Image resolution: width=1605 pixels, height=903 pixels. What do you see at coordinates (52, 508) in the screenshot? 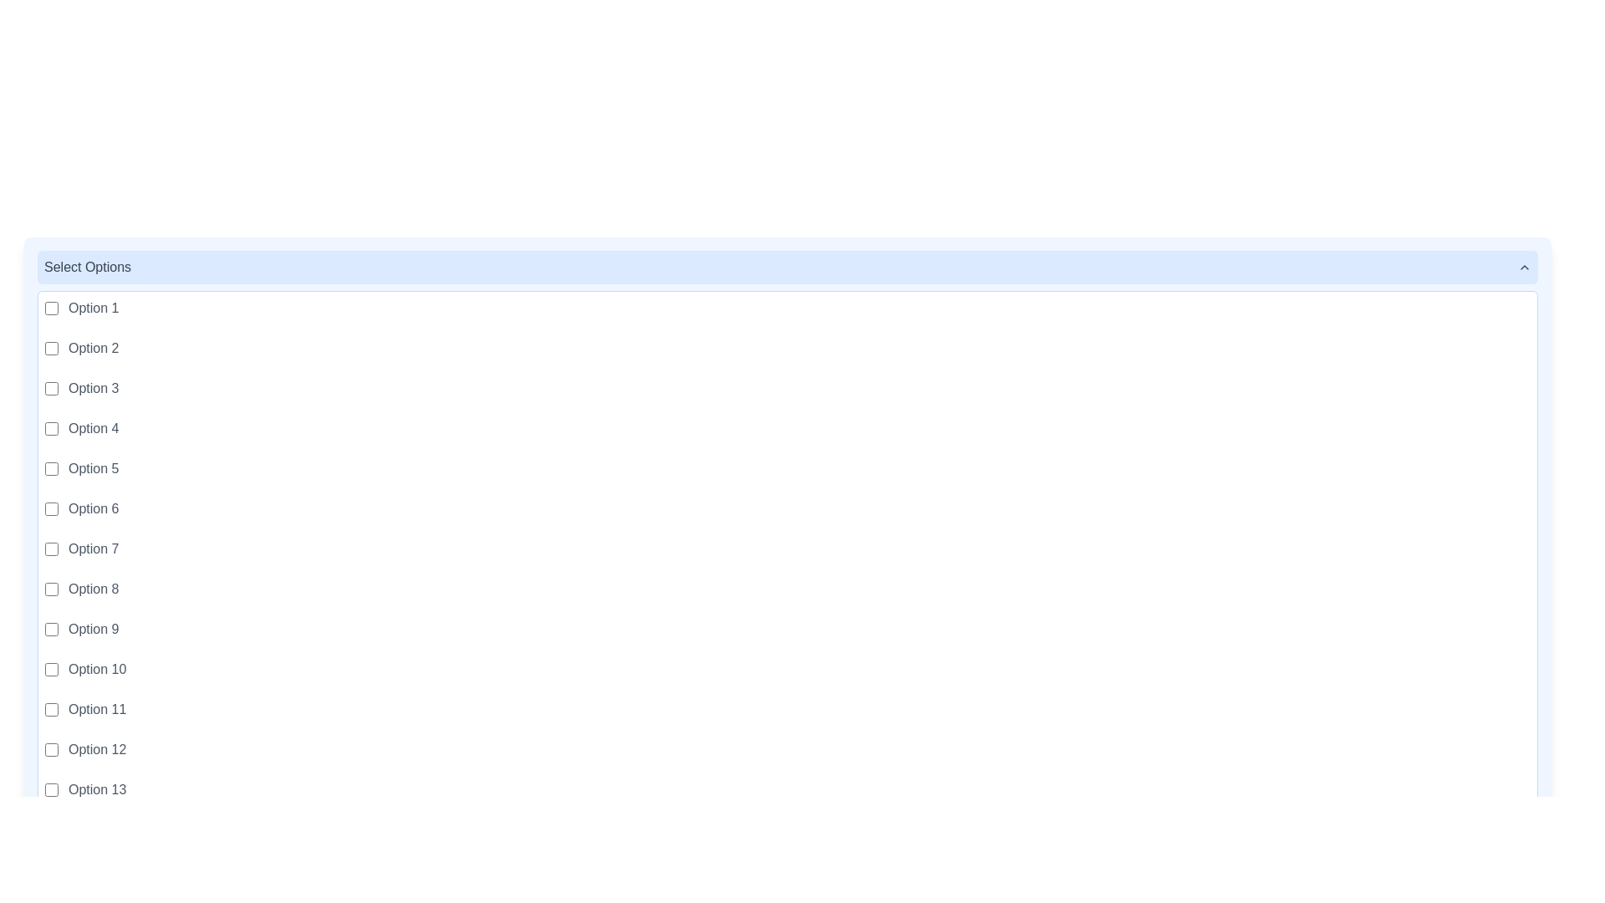
I see `the checkbox for 'Option 6' to allow user interaction via keyboard` at bounding box center [52, 508].